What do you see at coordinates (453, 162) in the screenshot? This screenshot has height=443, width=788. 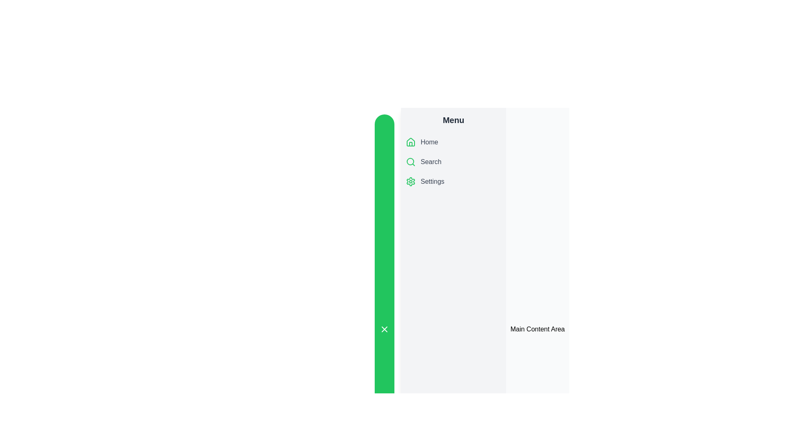 I see `the menu item Search to select it` at bounding box center [453, 162].